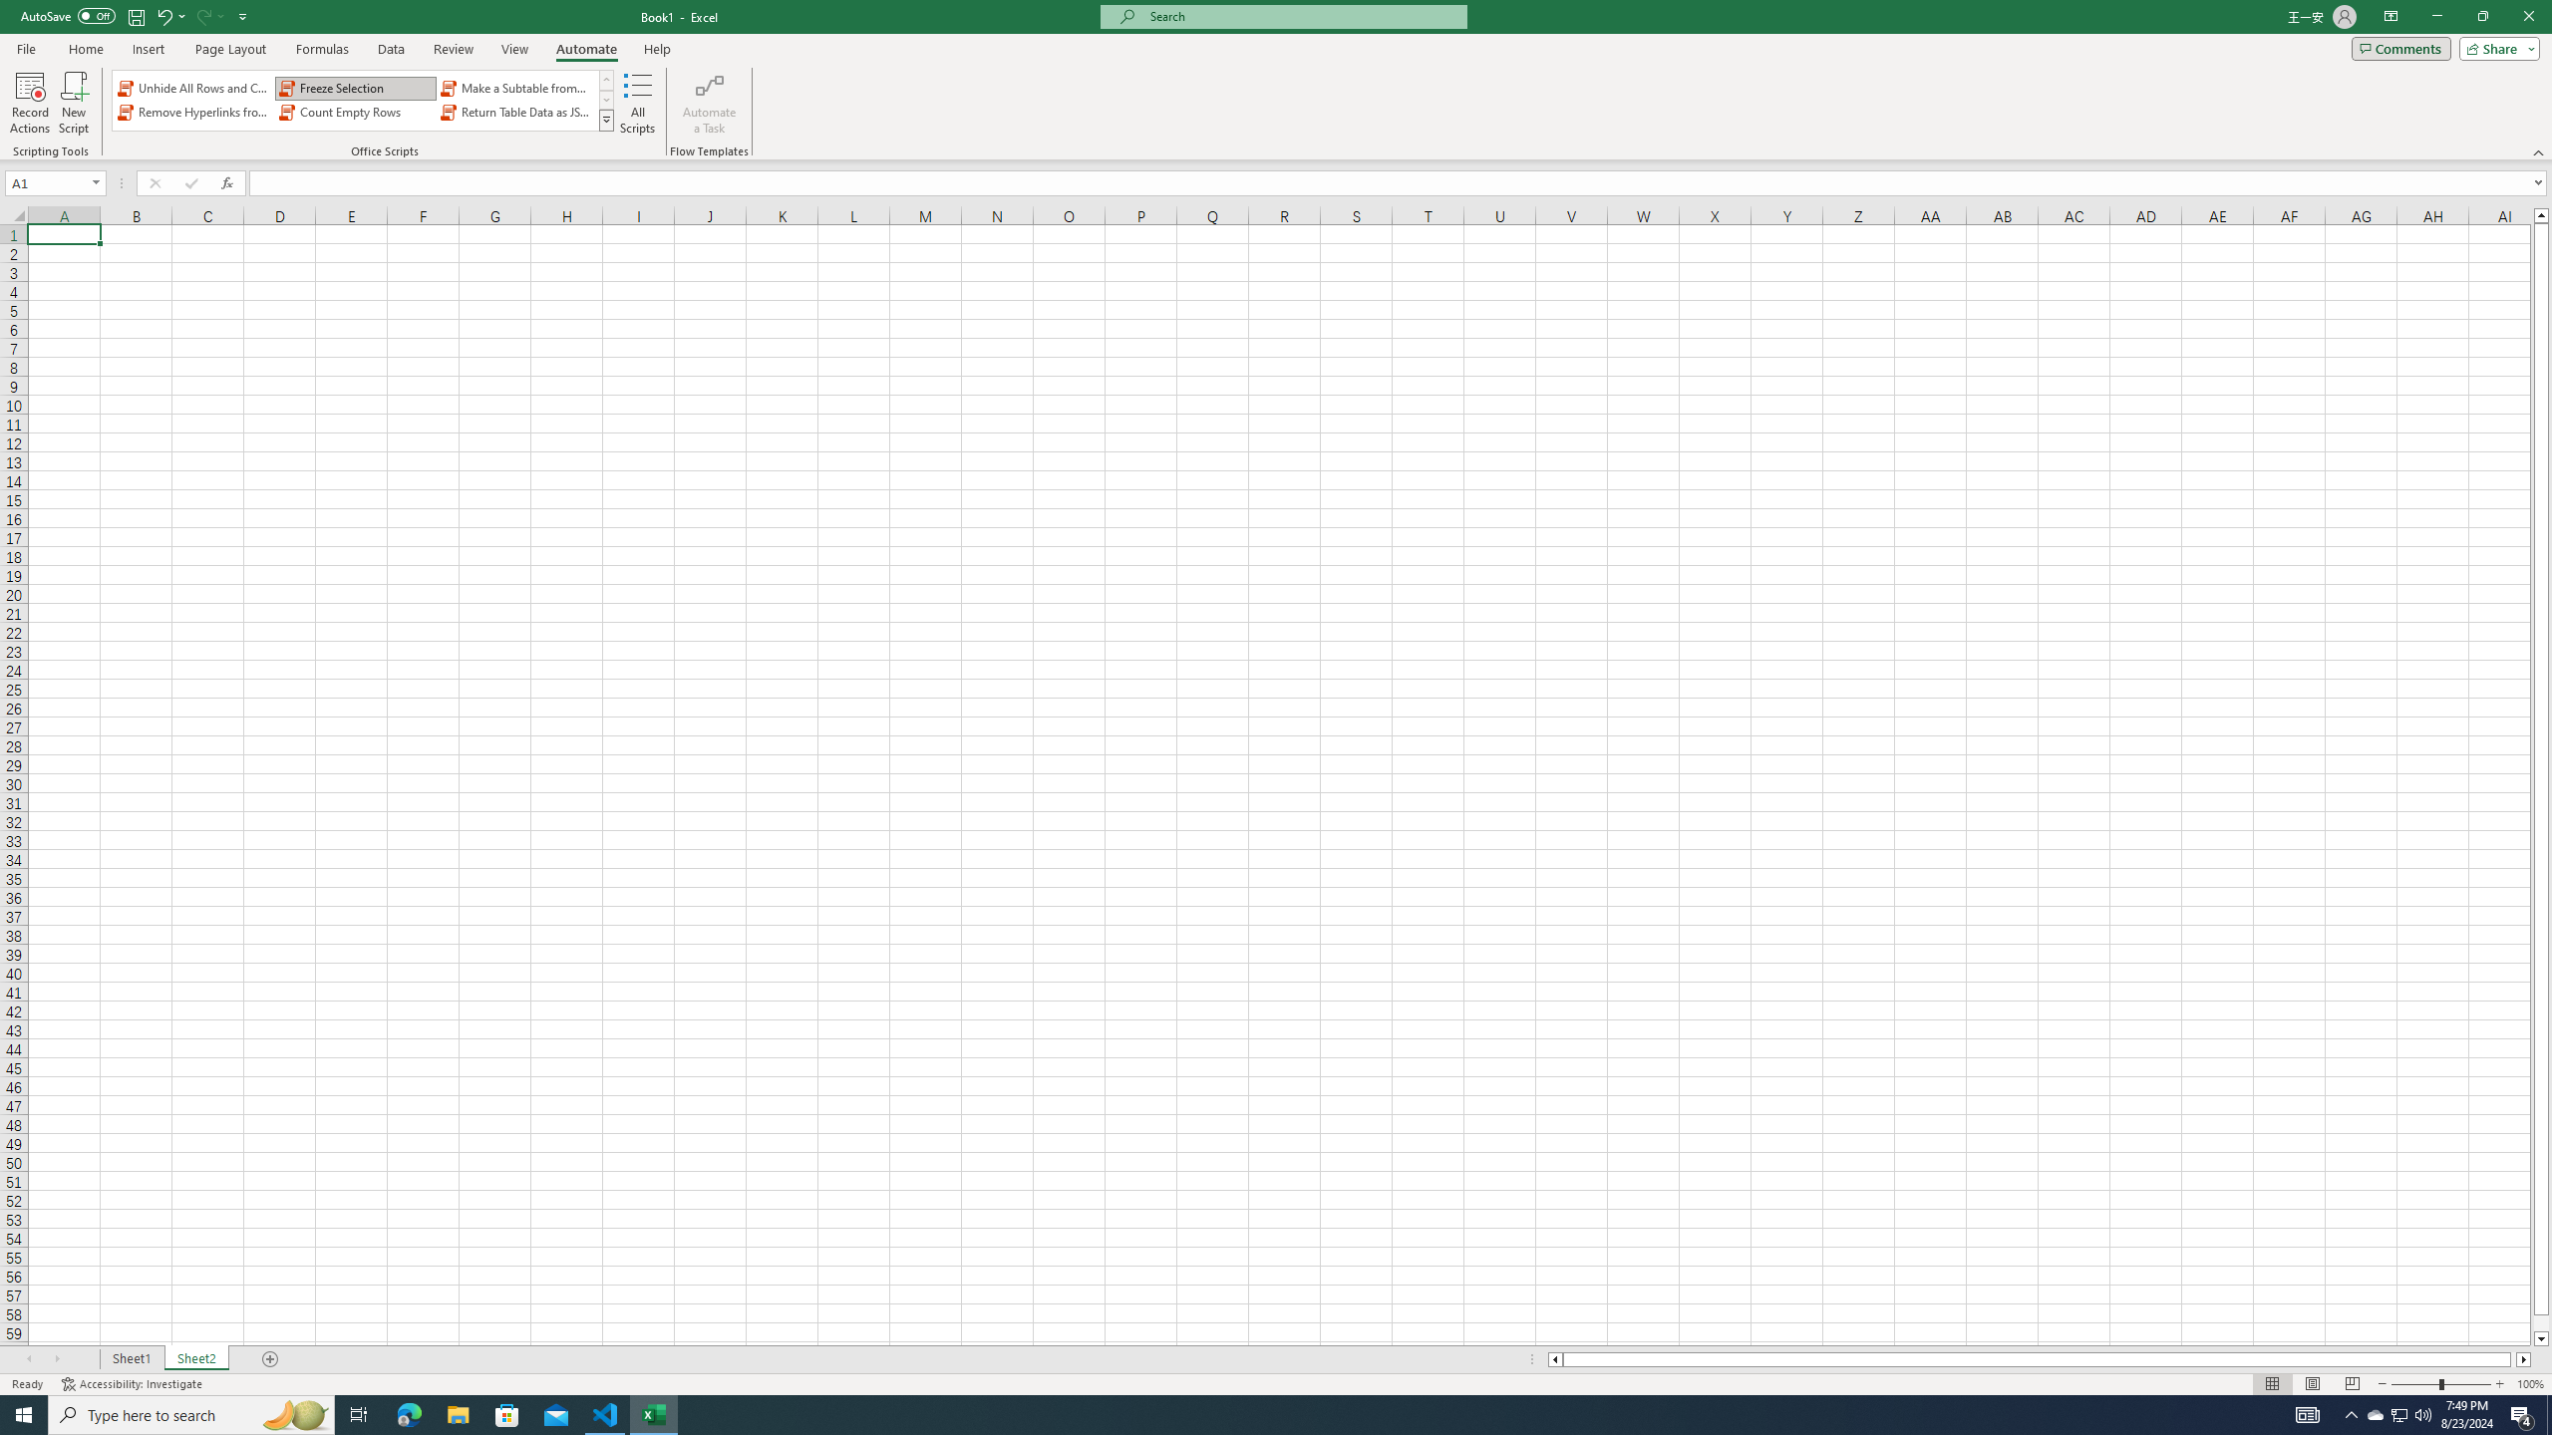 The image size is (2552, 1435). I want to click on 'Collapse the Ribbon', so click(2539, 152).